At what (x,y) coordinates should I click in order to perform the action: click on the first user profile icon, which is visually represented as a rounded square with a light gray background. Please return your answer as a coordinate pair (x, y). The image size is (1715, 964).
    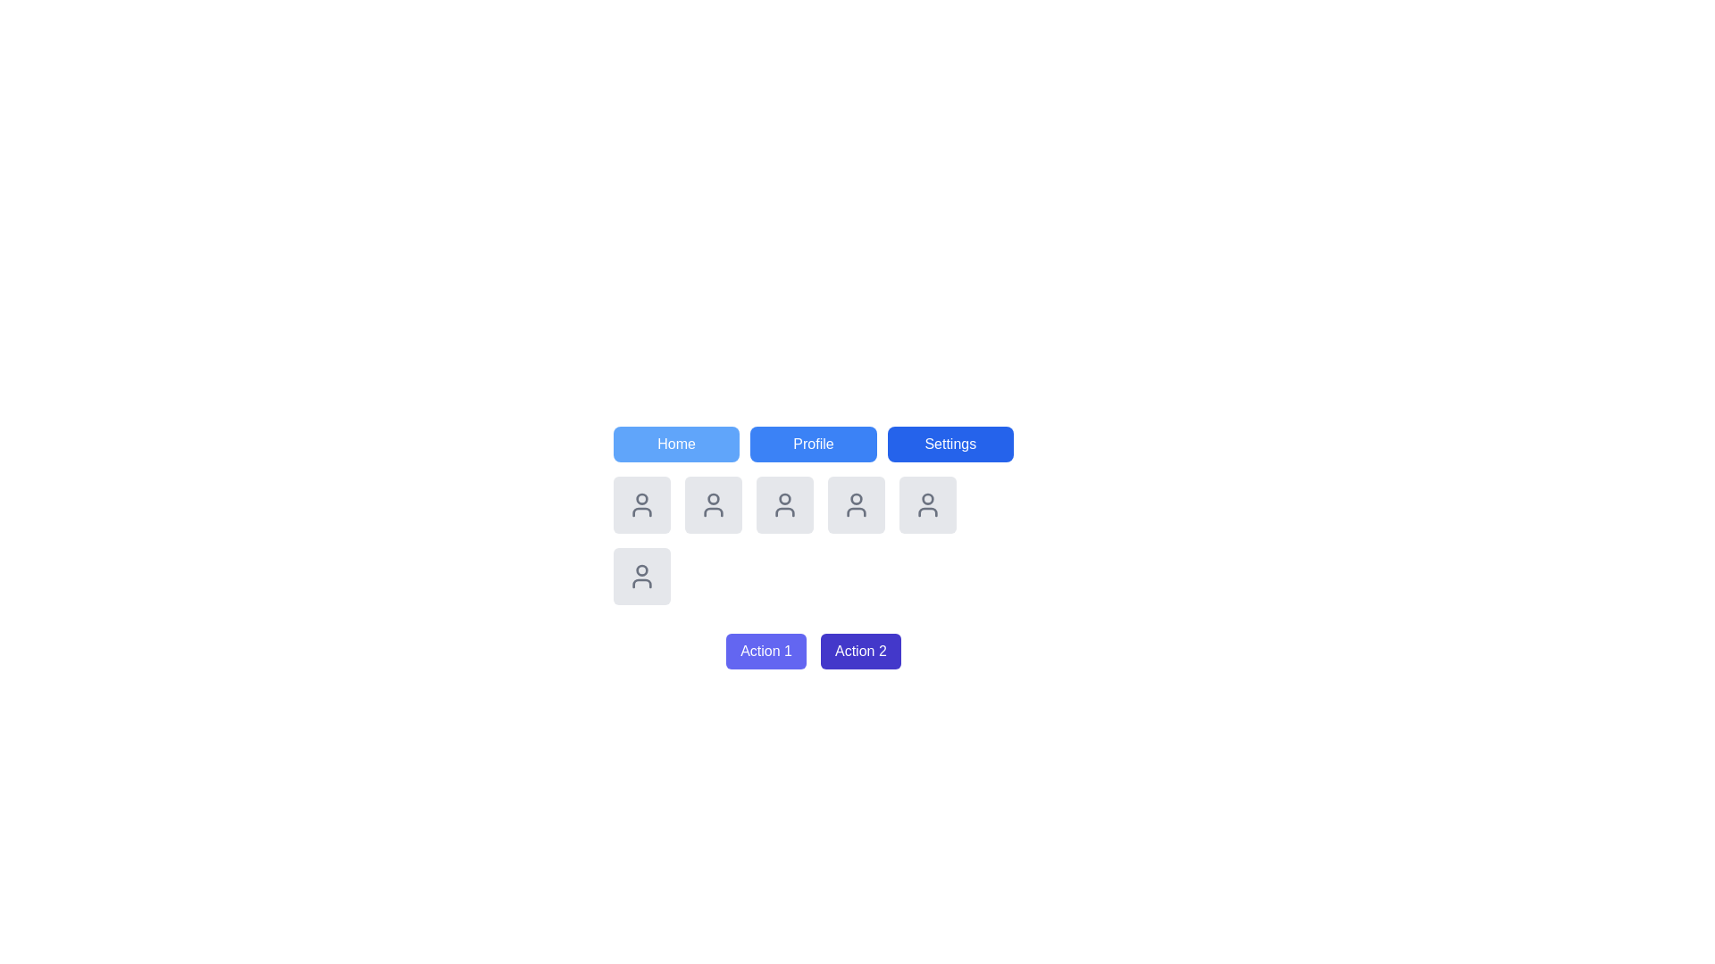
    Looking at the image, I should click on (642, 505).